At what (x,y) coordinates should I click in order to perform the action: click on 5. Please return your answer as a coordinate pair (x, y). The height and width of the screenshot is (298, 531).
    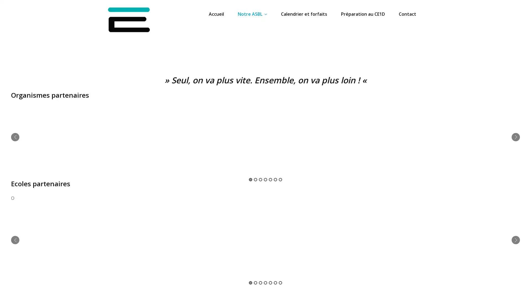
    Looking at the image, I should click on (270, 180).